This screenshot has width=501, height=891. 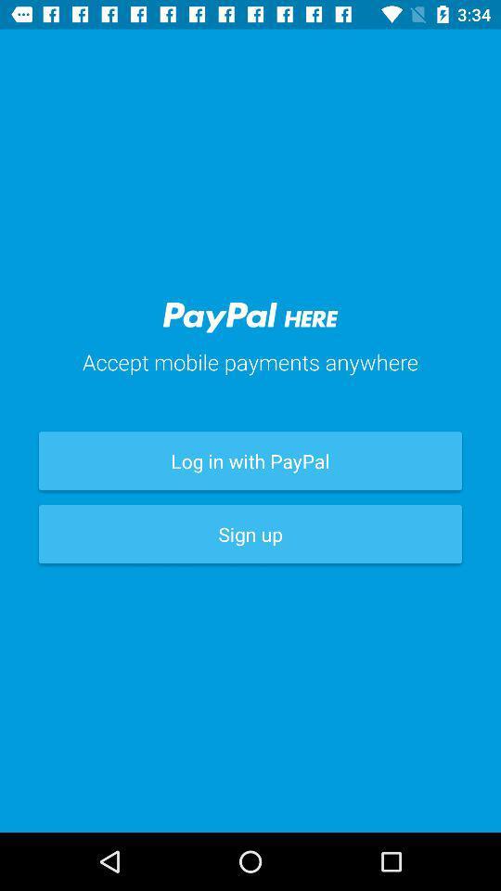 What do you see at coordinates (250, 459) in the screenshot?
I see `the icon above sign up item` at bounding box center [250, 459].